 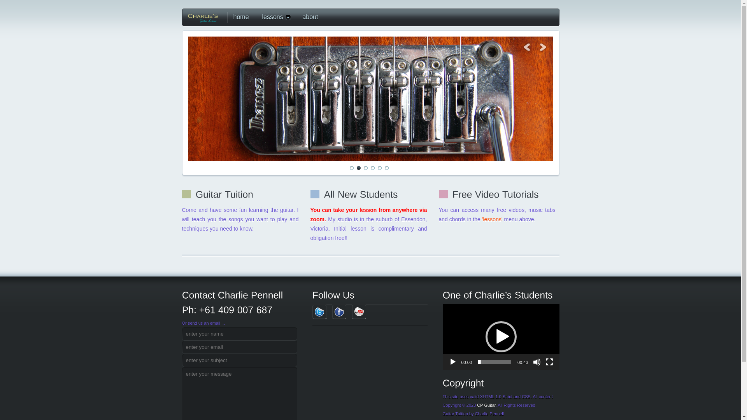 I want to click on '4', so click(x=370, y=168).